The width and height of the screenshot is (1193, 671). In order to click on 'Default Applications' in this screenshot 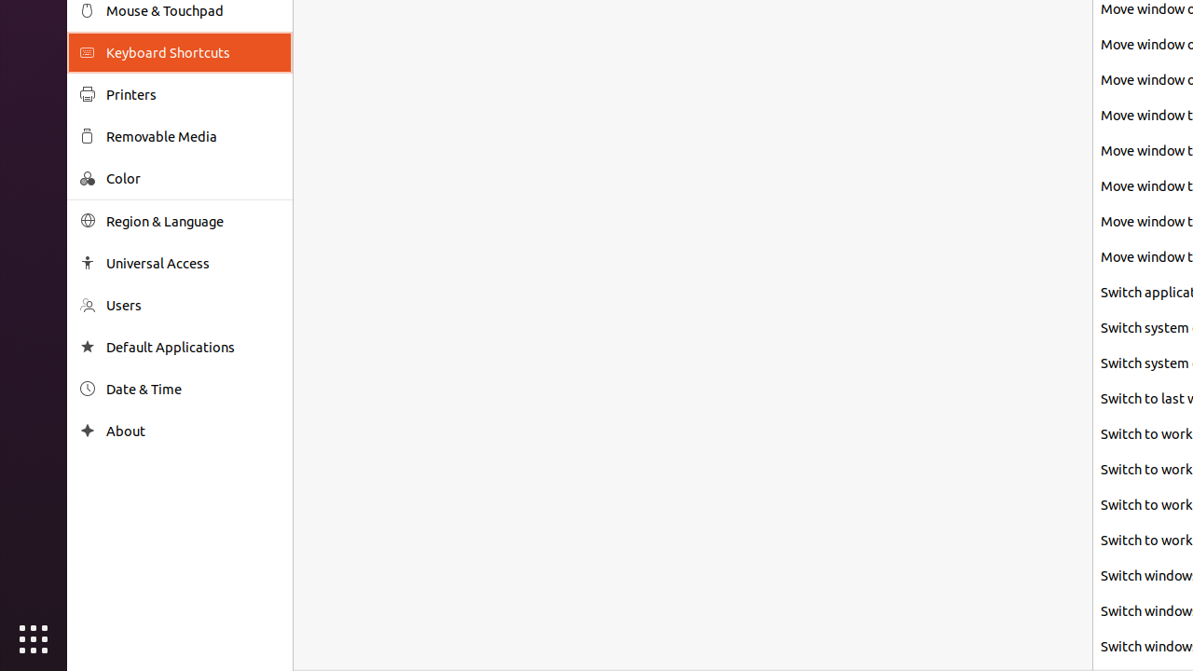, I will do `click(192, 347)`.